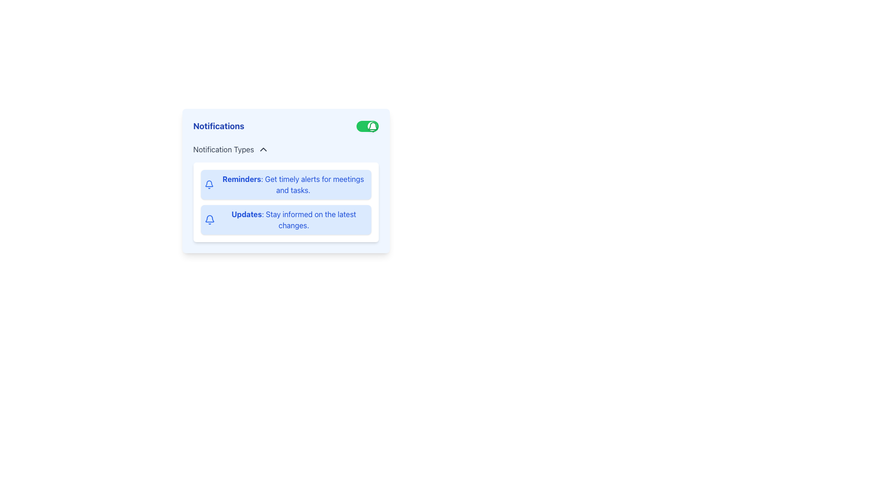 This screenshot has height=500, width=889. Describe the element at coordinates (231, 149) in the screenshot. I see `the interactive text label with an icon for 'Notification Types'` at that location.